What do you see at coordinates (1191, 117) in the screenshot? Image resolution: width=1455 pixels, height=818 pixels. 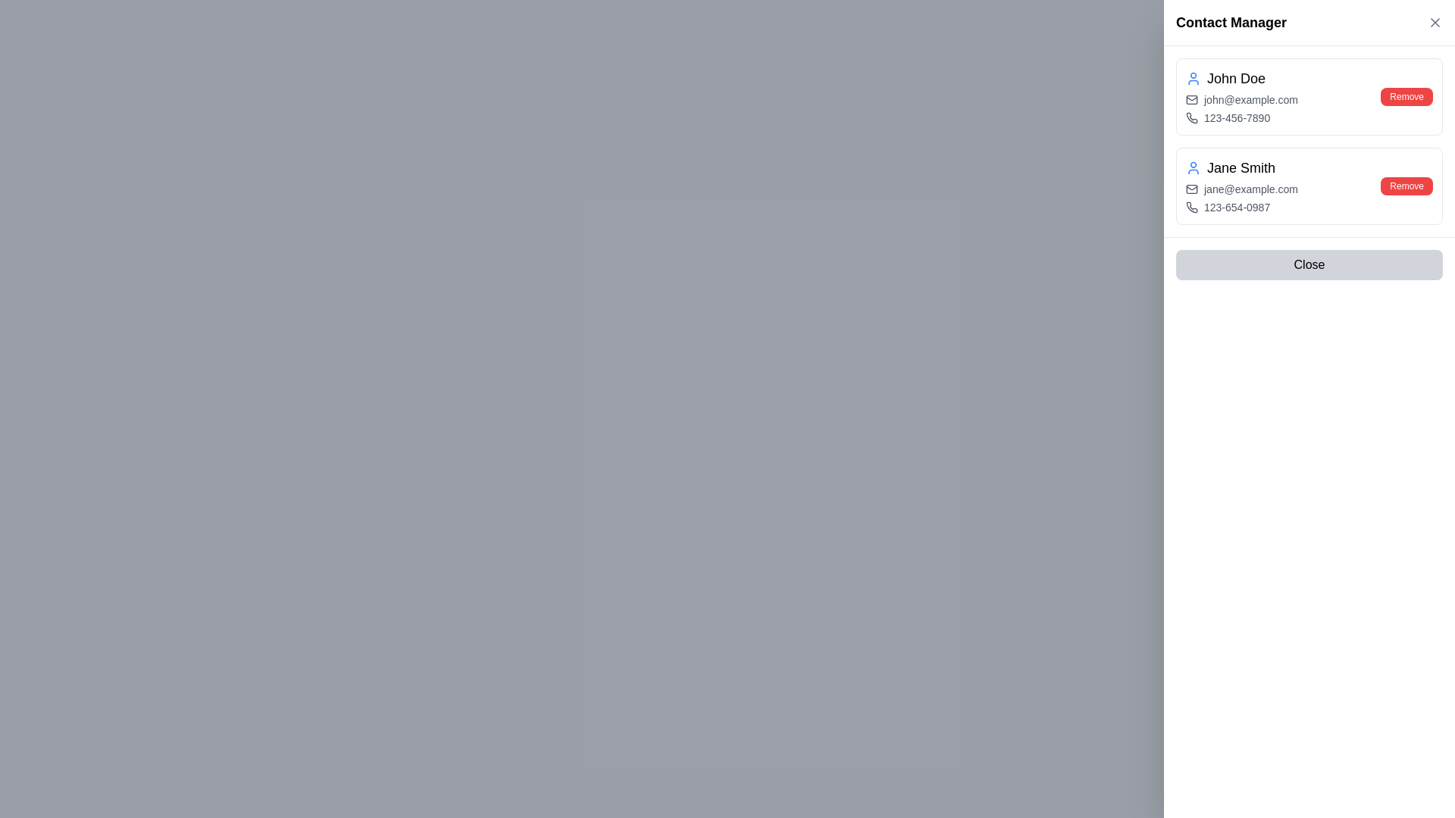 I see `the Decorative phone icon, which is located below the envelope icon and above the 'Remove' button in the contact details of 'John Doe'` at bounding box center [1191, 117].